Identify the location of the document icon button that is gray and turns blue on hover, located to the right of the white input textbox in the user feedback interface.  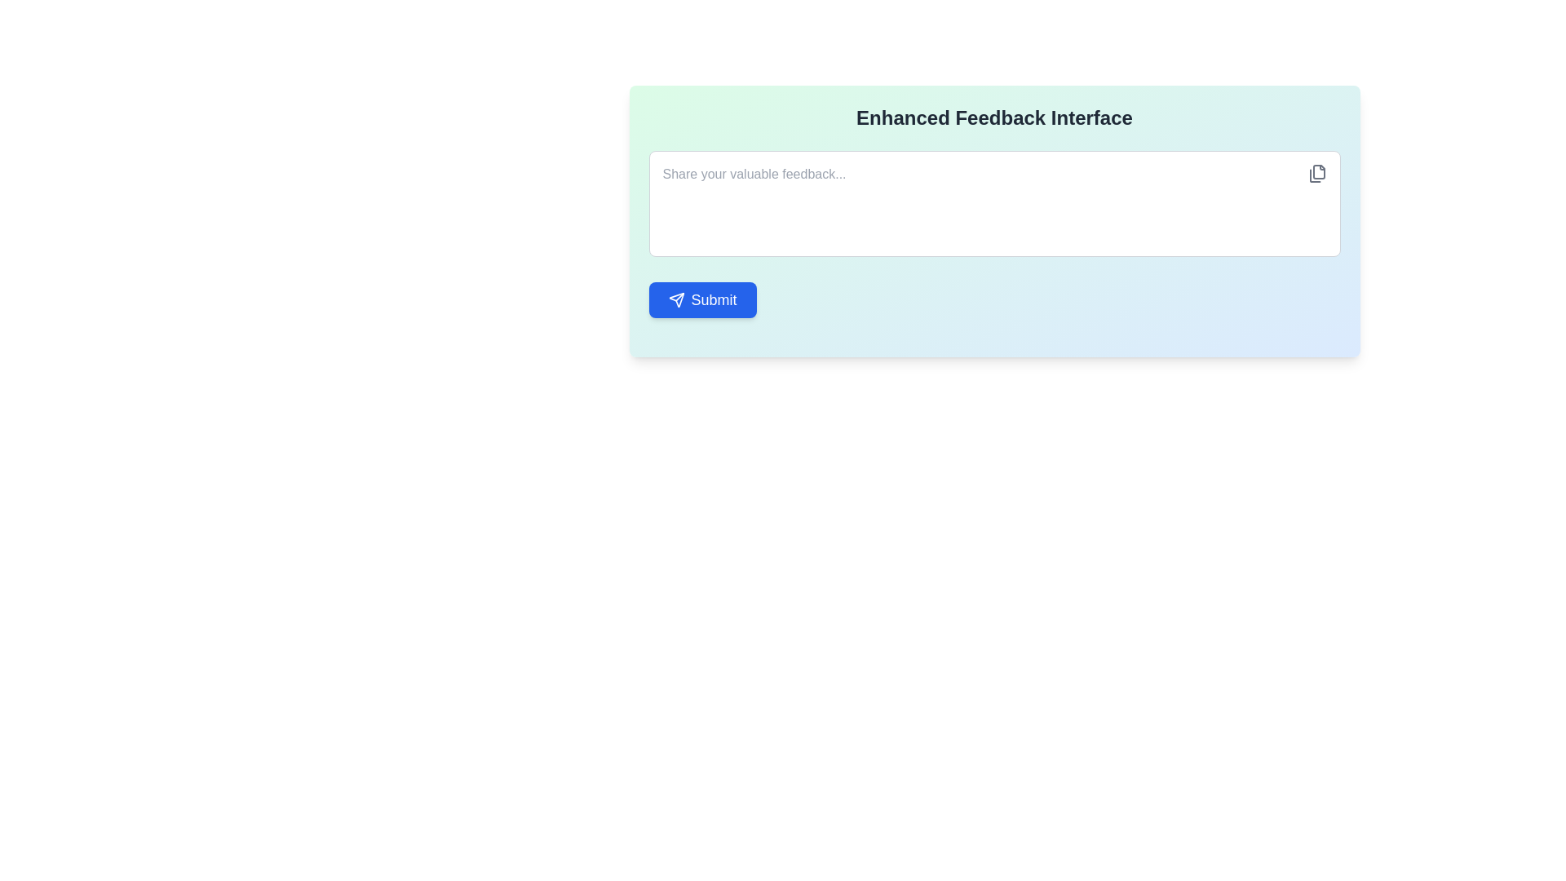
(1317, 173).